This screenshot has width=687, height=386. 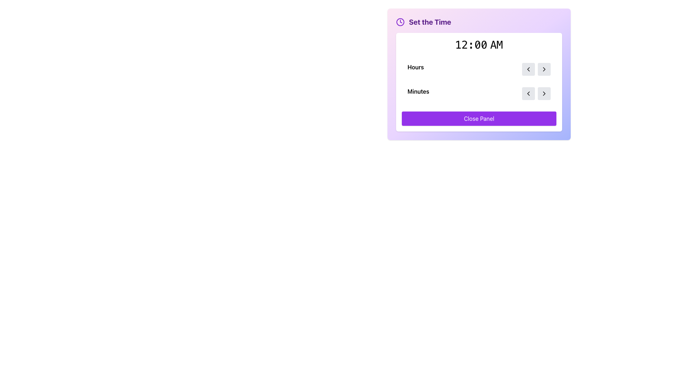 I want to click on the static text element that reads 'Set the Time', which is prominently displayed in bold purple color and located next to the clock icon in the header area of the time picker interface, so click(x=429, y=21).